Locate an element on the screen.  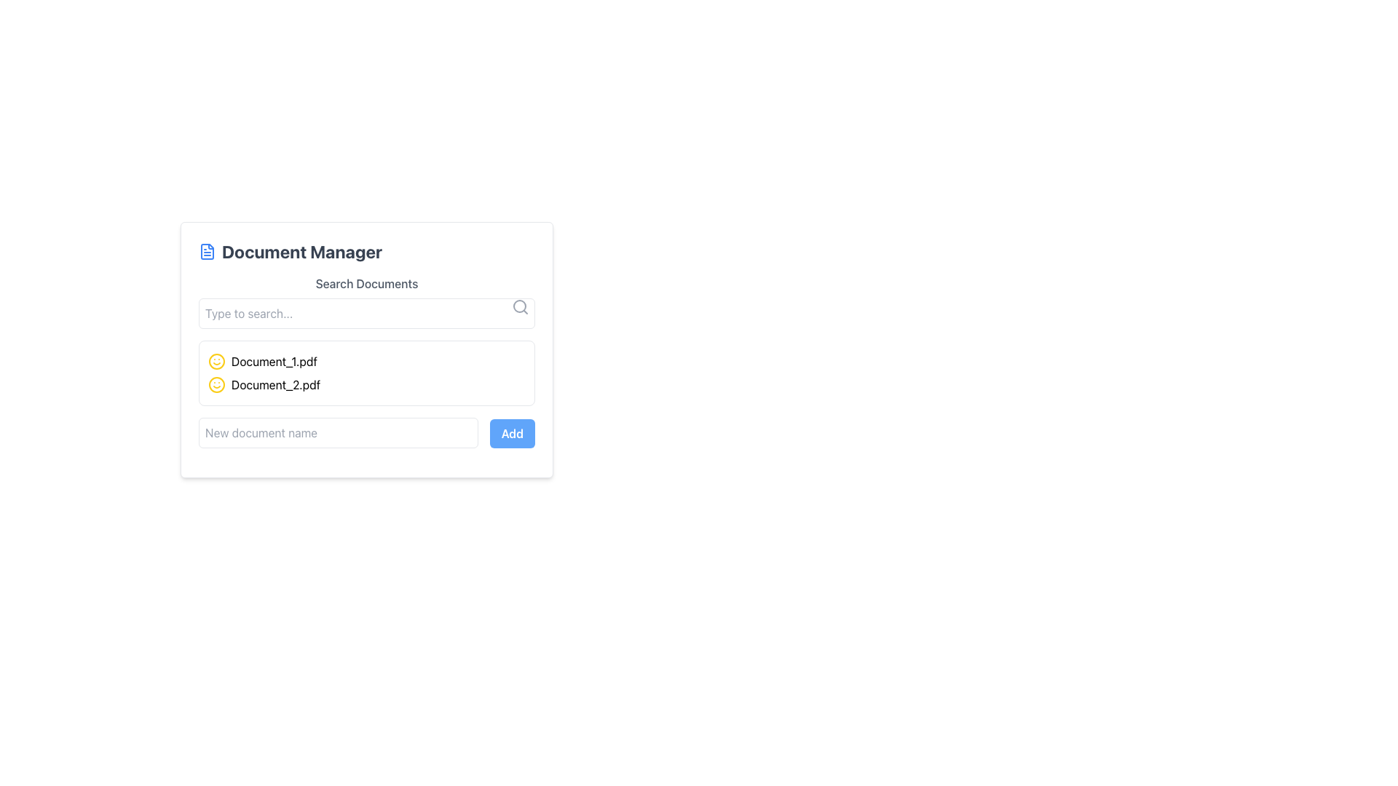
the small outlined circle icon with a smiling expression, filled with yellow color, located to the left of the text 'Document_2.pdf' in the second row of the document list in the 'Document Manager' is located at coordinates (216, 384).